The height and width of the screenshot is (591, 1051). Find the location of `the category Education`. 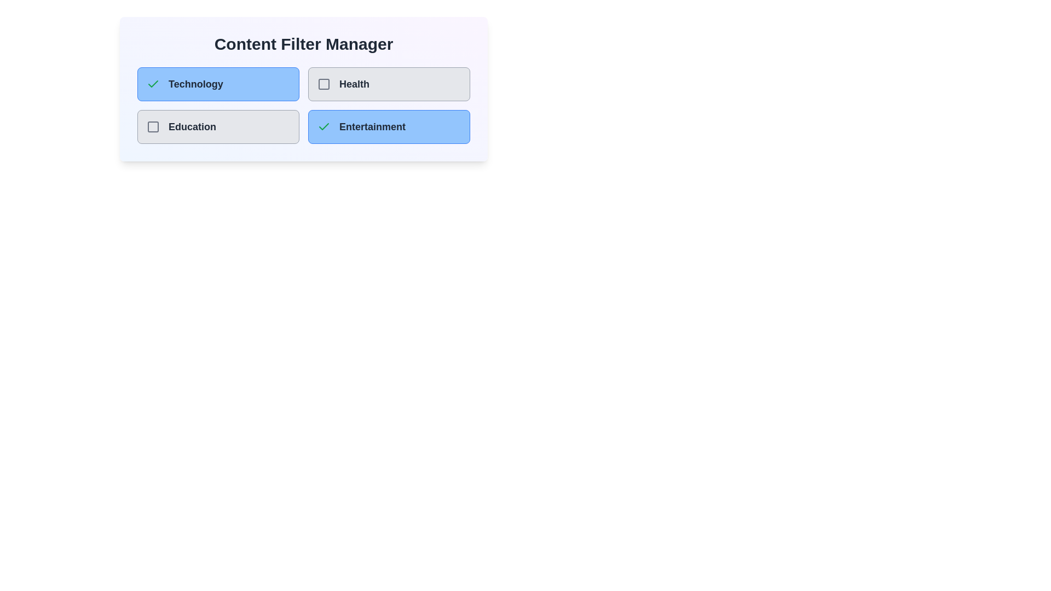

the category Education is located at coordinates (152, 126).